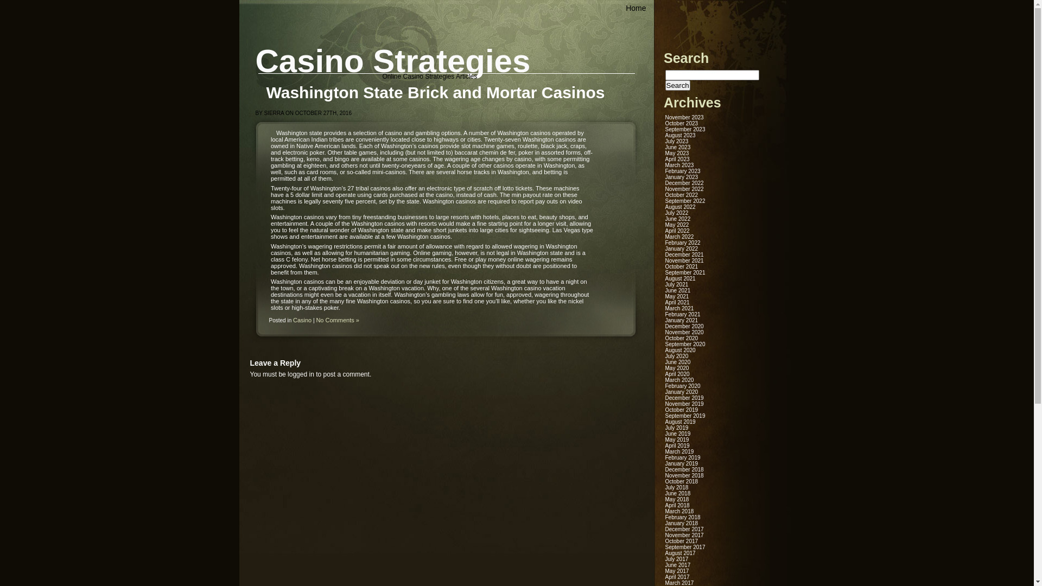 The width and height of the screenshot is (1042, 586). I want to click on 'December 2018', so click(684, 469).